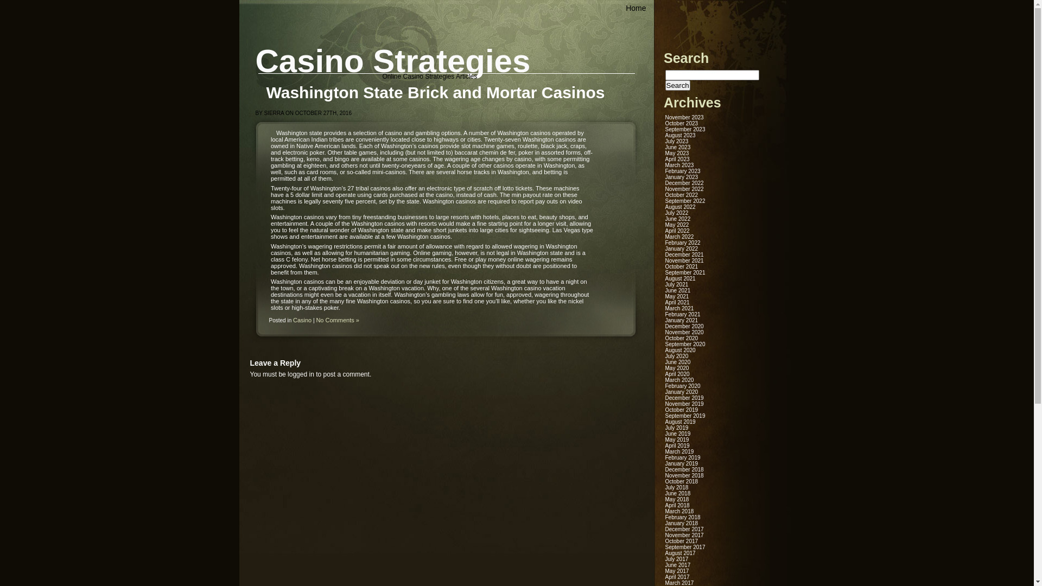 The width and height of the screenshot is (1042, 586). I want to click on 'December 2018', so click(684, 469).